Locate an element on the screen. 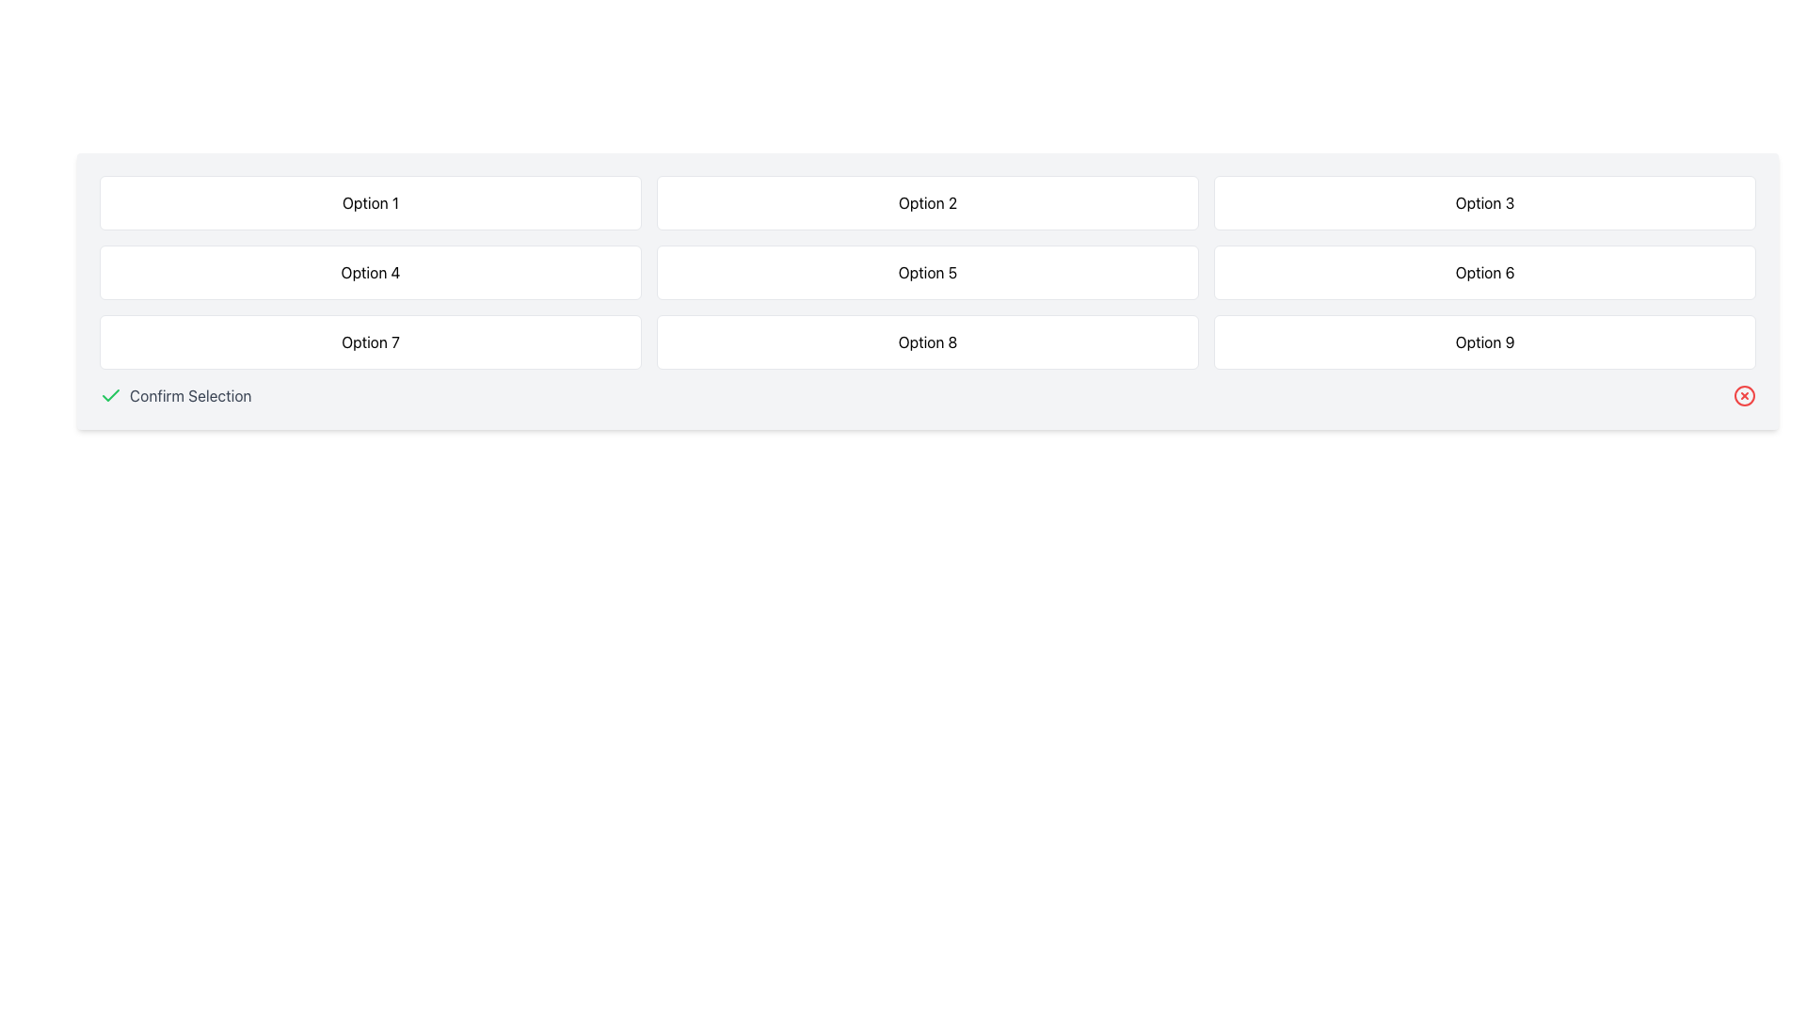 The height and width of the screenshot is (1016, 1807). the 'Option 3' button, which is a rectangular choice tile with a white background and a border, located in the first row of a 3x3 grid is located at coordinates (1484, 203).